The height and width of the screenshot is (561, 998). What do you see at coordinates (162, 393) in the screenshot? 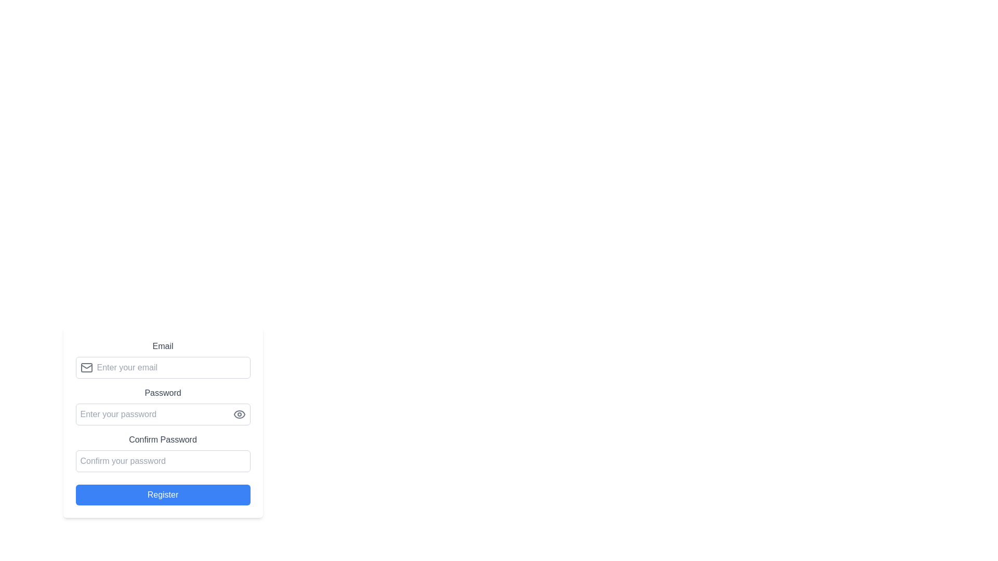
I see `'Password' text label which is displayed in bold, dark gray font above the password input box` at bounding box center [162, 393].